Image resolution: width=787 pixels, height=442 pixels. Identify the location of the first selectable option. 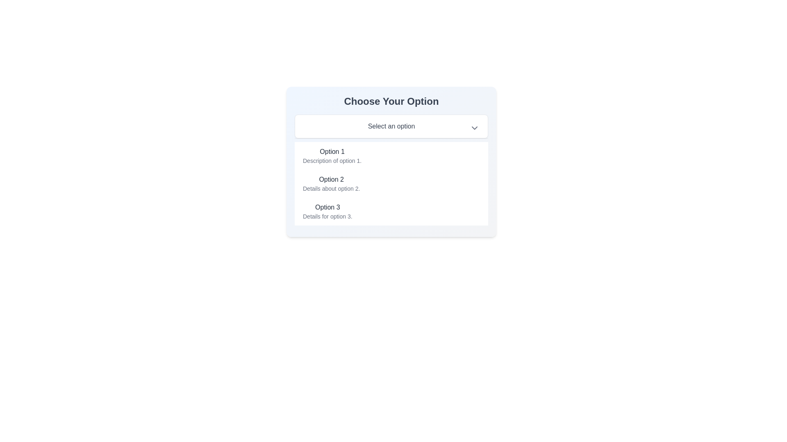
(391, 156).